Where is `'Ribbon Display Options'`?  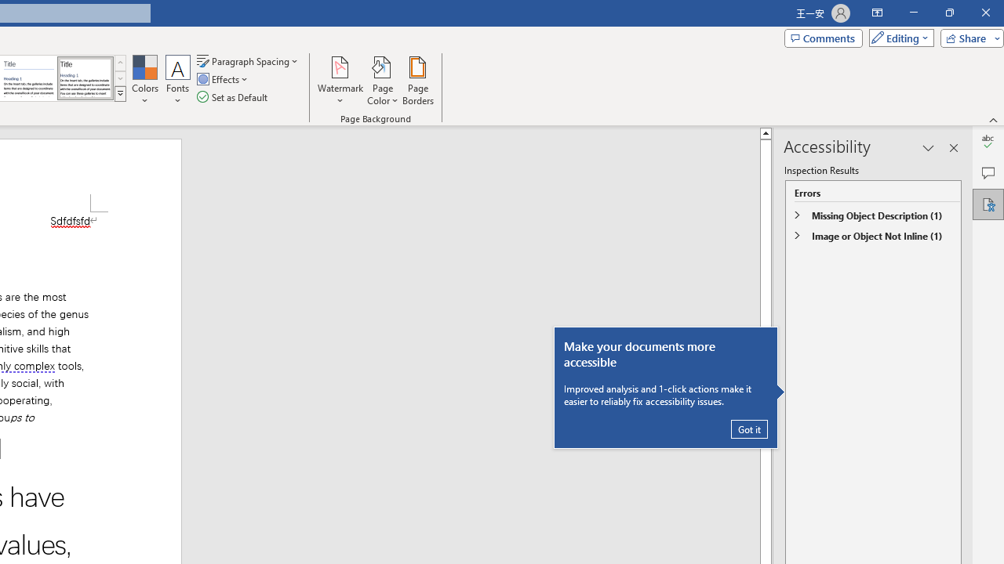 'Ribbon Display Options' is located at coordinates (876, 13).